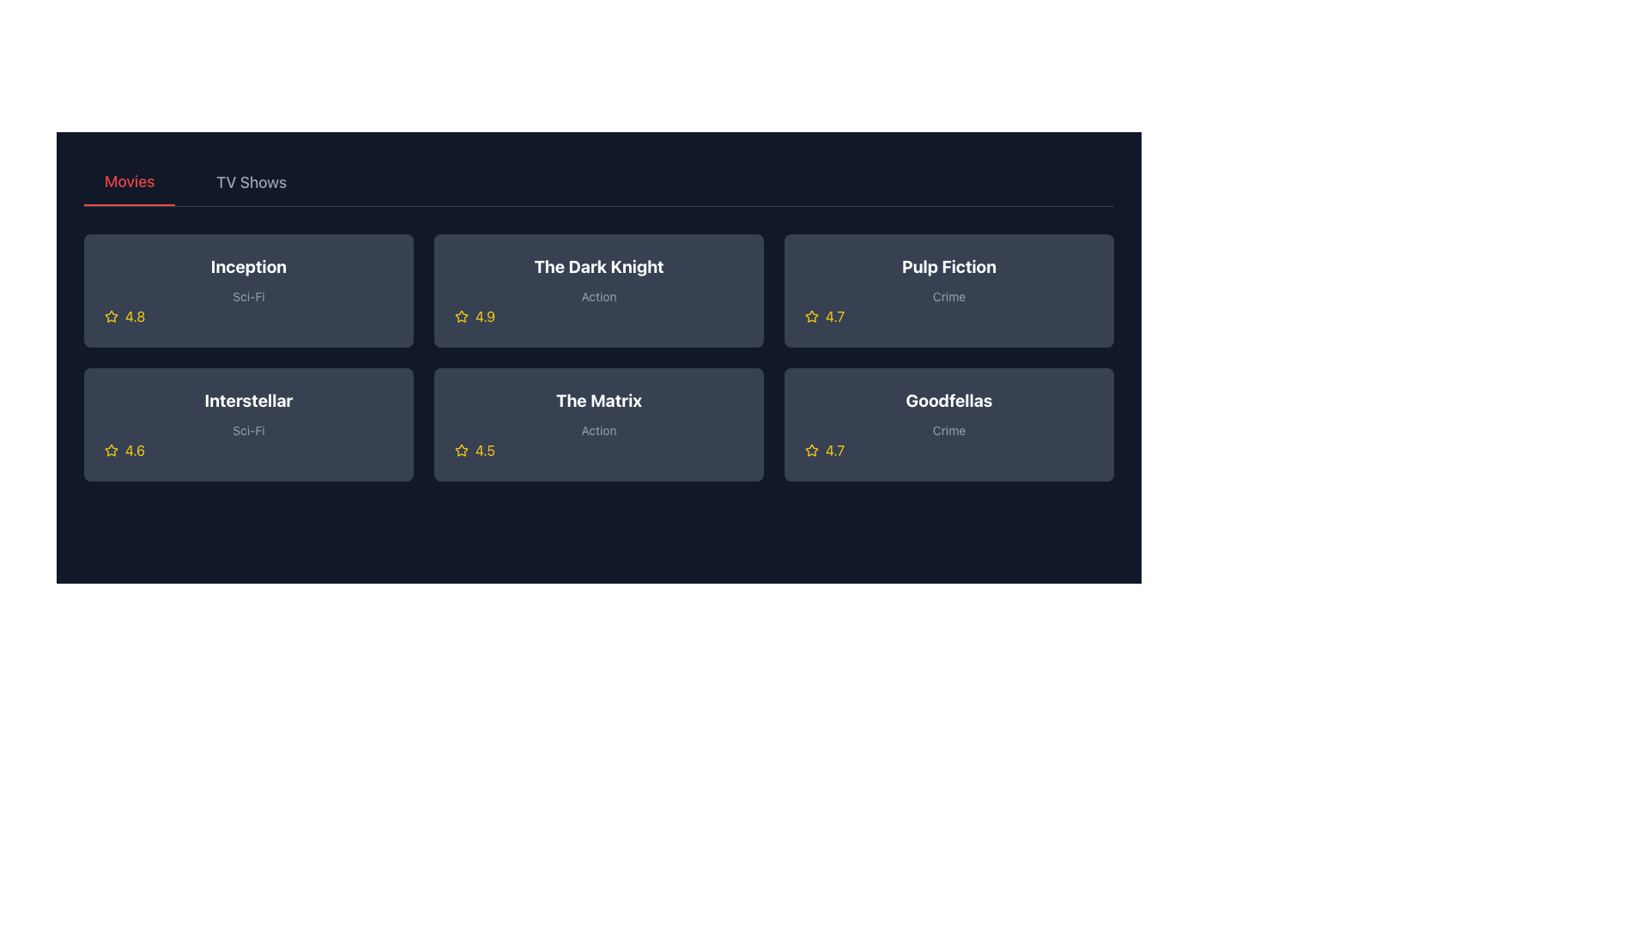 The height and width of the screenshot is (927, 1648). I want to click on the Text Label indicating the genre of 'The Matrix', which is located in the second row and second column of the media selection grid, so click(598, 429).